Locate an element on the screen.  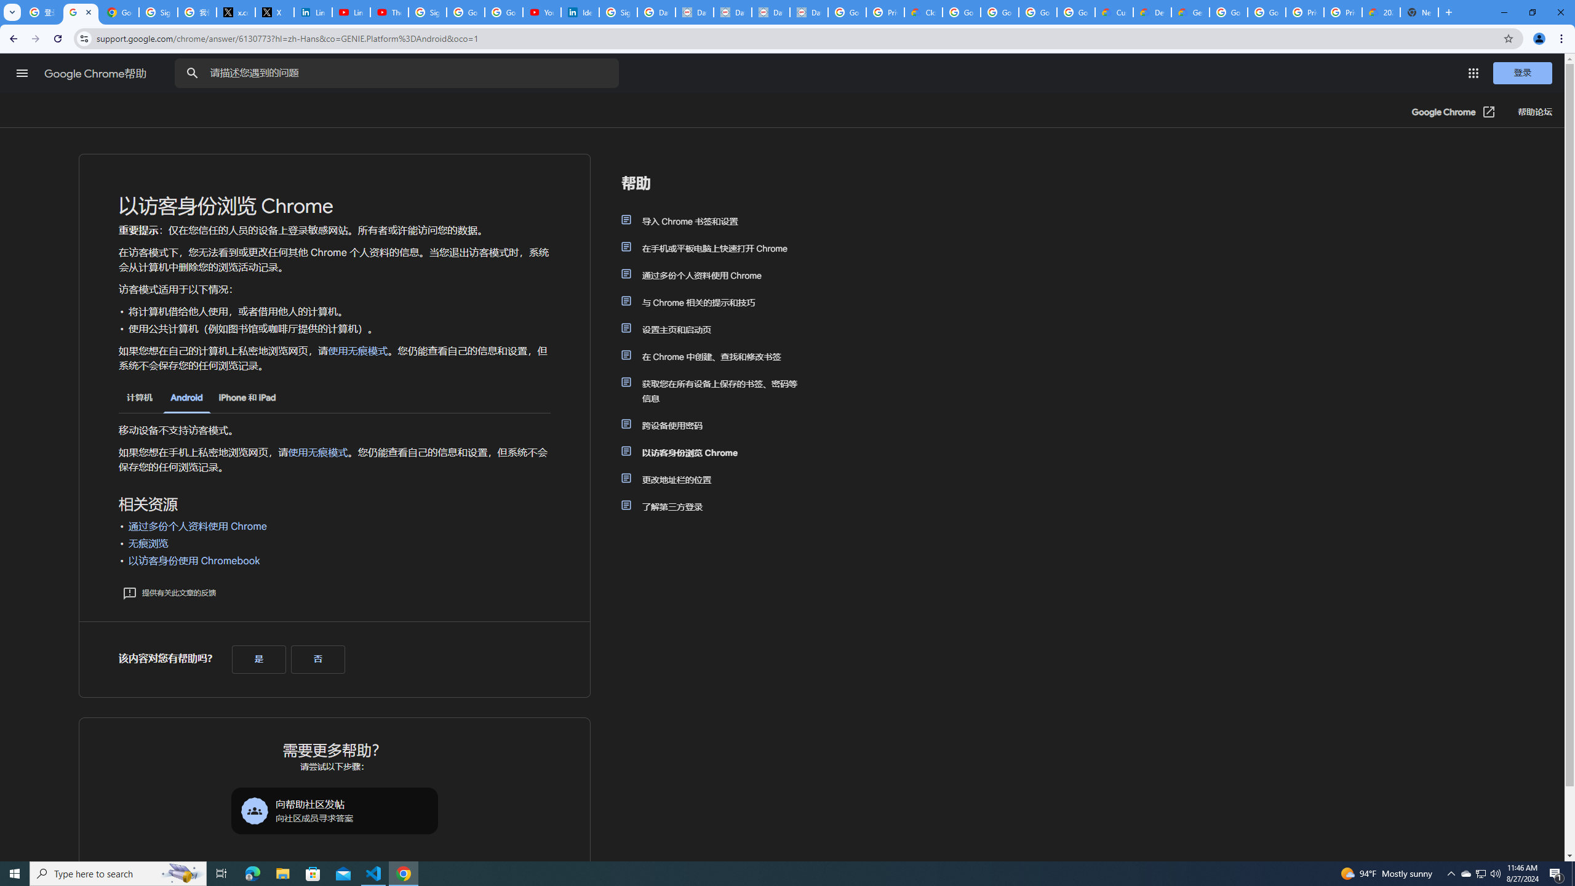
'Data Privacy Framework' is located at coordinates (808, 12).